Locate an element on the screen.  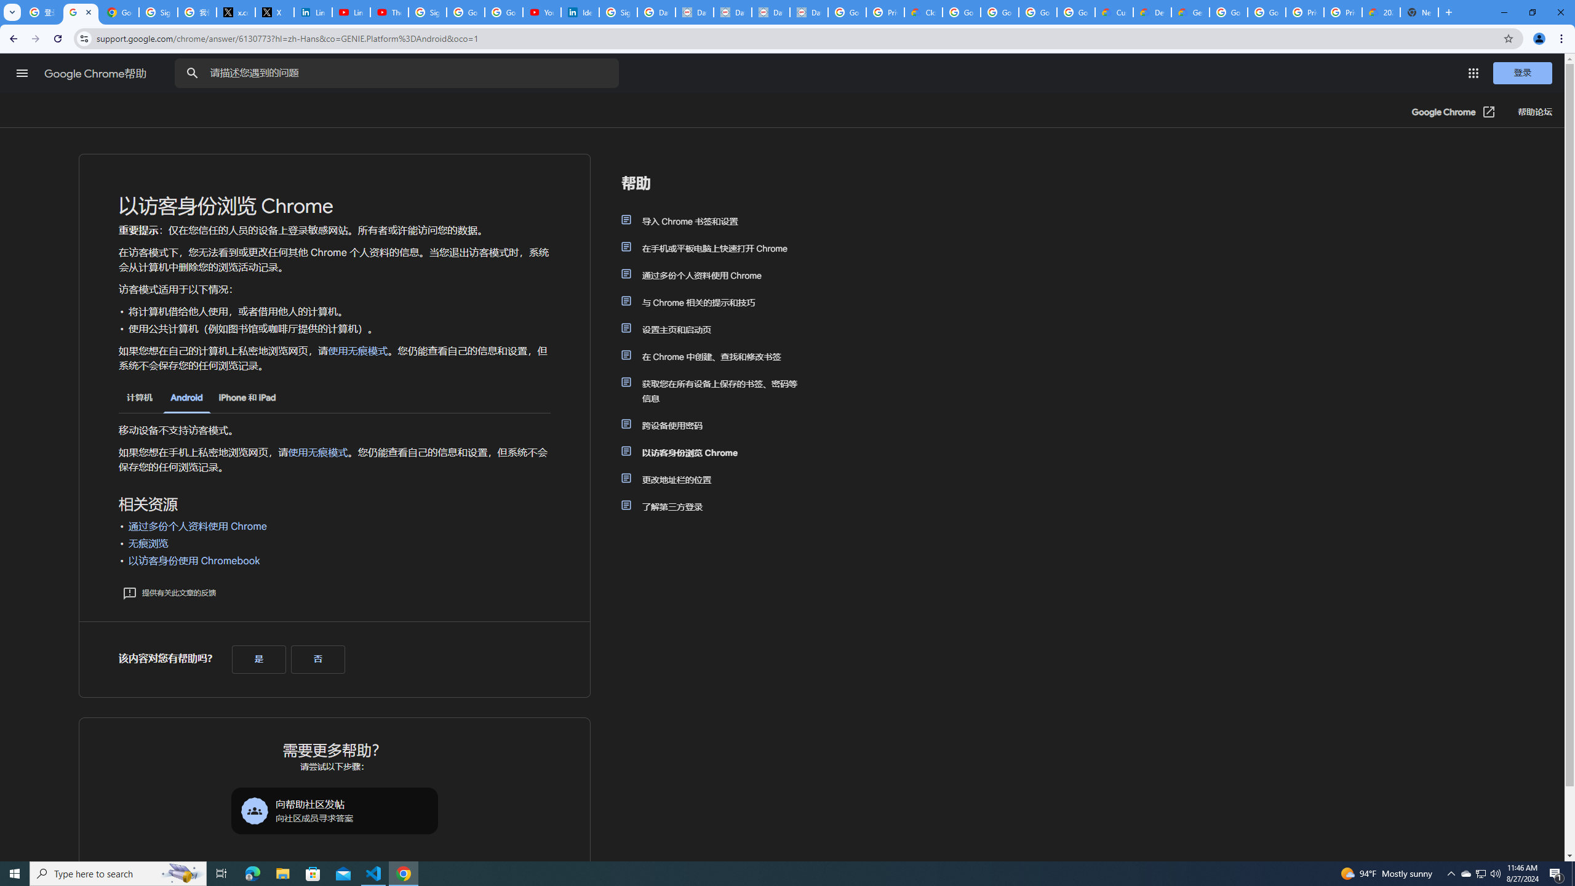
'Data Privacy Framework' is located at coordinates (808, 12).